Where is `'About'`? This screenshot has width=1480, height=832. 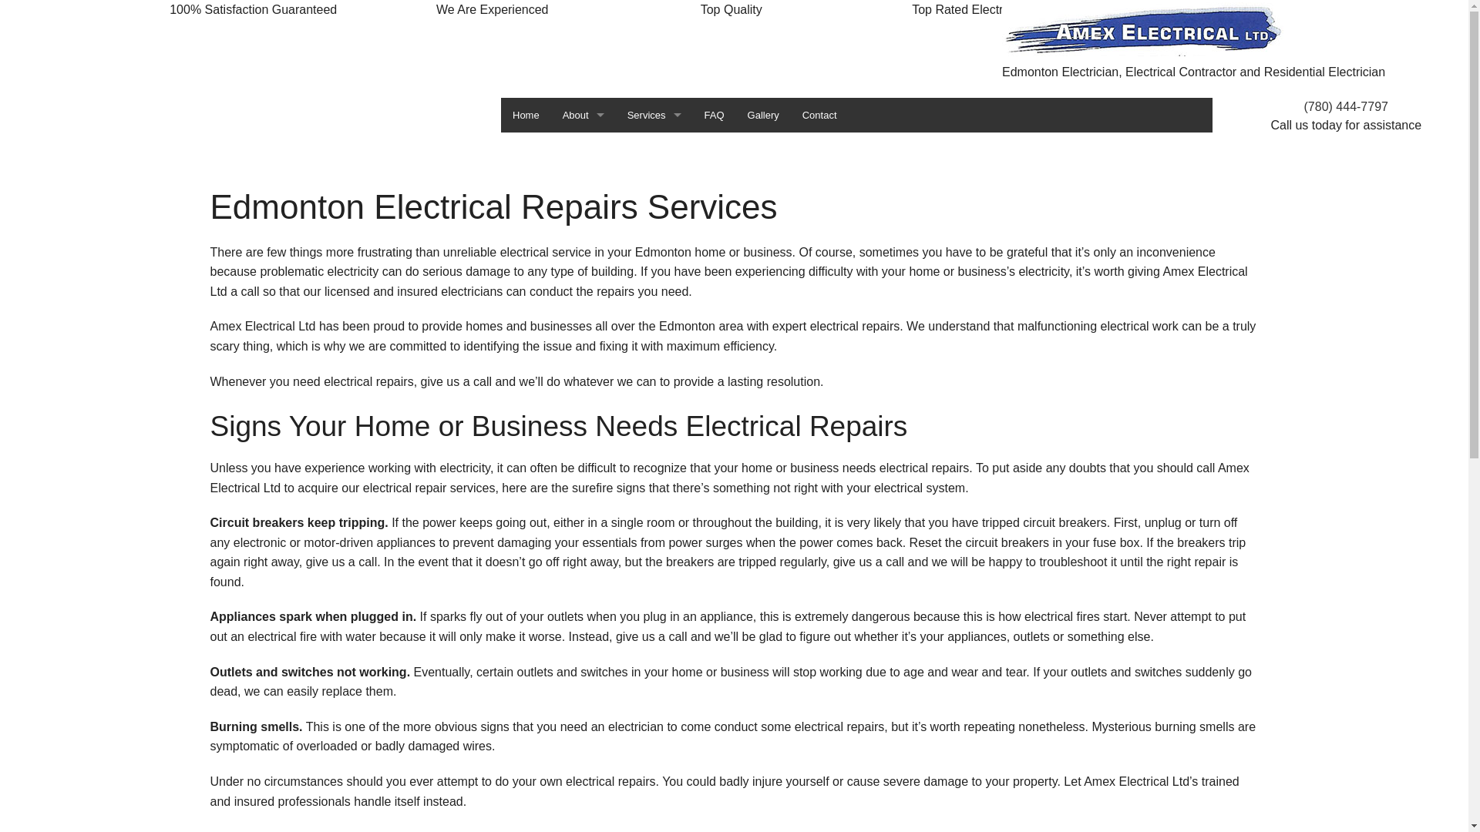 'About' is located at coordinates (583, 114).